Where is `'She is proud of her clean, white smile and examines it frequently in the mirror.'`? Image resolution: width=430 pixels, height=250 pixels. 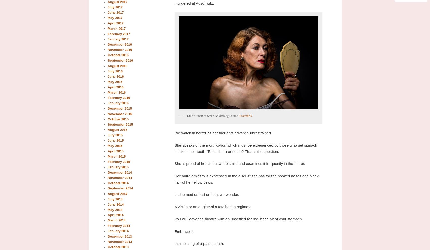 'She is proud of her clean, white smile and examines it frequently in the mirror.' is located at coordinates (239, 163).